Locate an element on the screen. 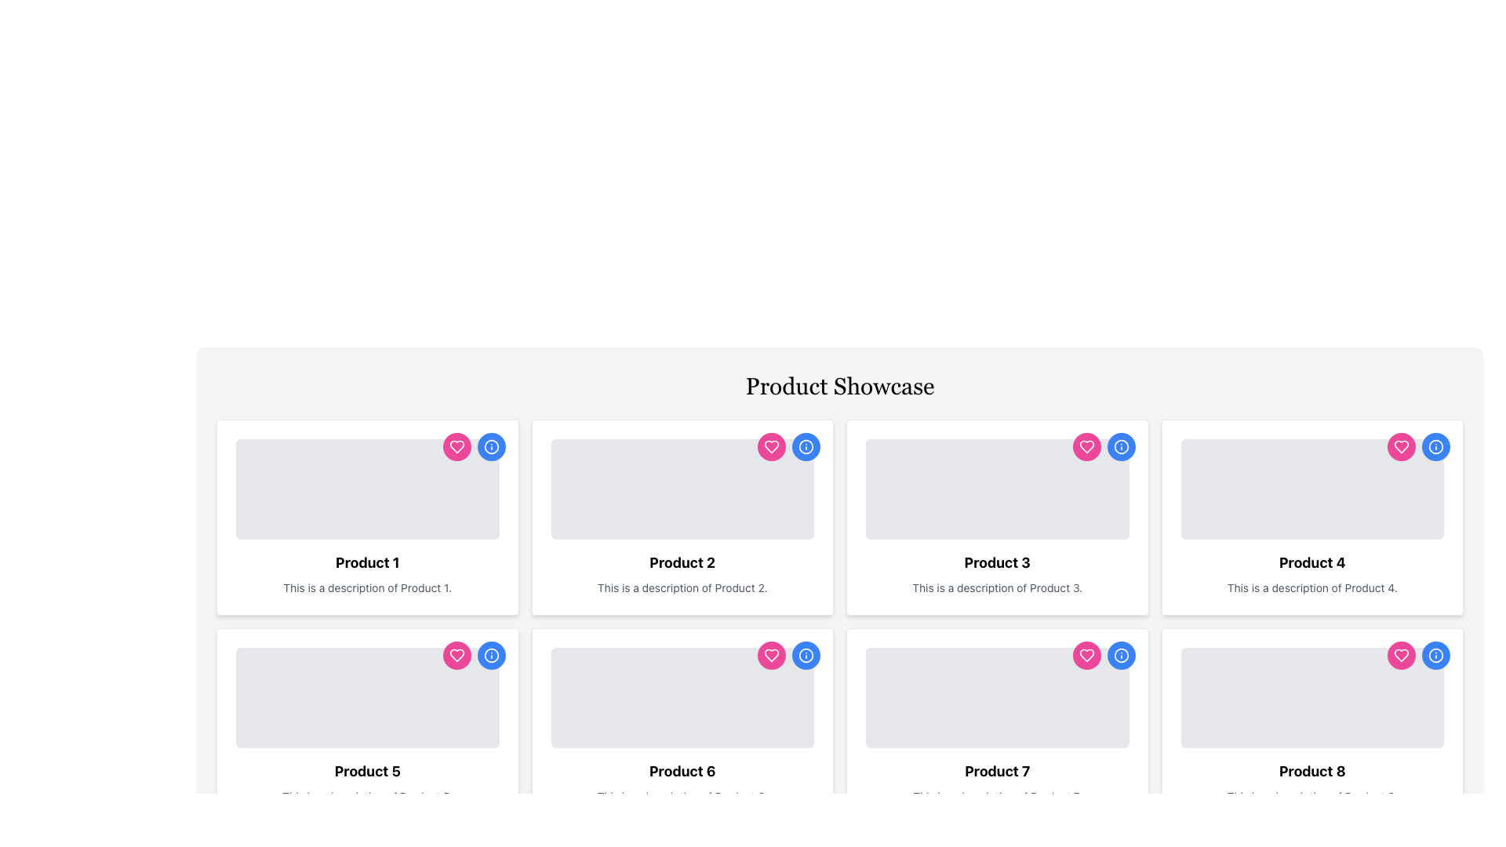 Image resolution: width=1506 pixels, height=847 pixels. the button located at the top-right corner of the 'Product 3' card is located at coordinates (1120, 447).